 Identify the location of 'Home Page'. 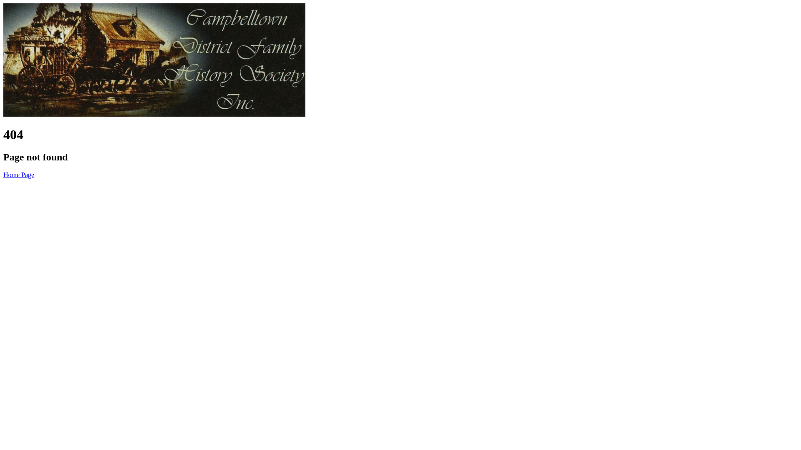
(18, 174).